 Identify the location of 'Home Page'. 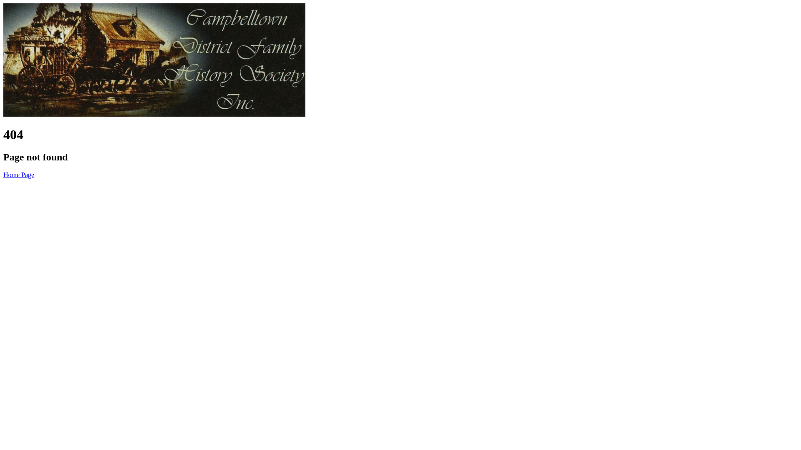
(18, 174).